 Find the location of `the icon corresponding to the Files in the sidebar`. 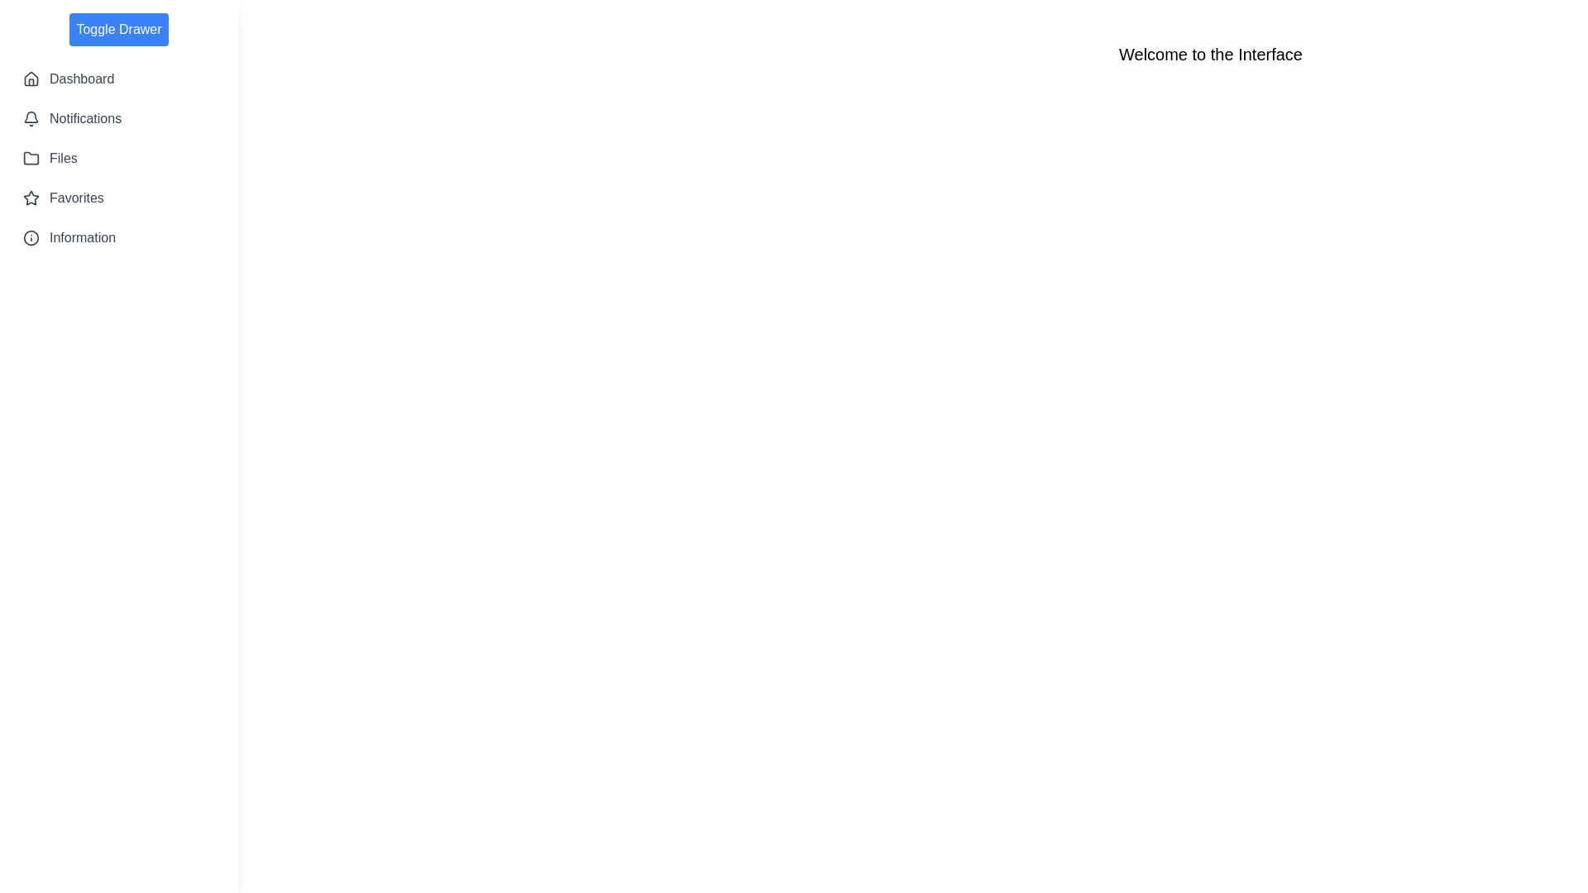

the icon corresponding to the Files in the sidebar is located at coordinates (31, 159).